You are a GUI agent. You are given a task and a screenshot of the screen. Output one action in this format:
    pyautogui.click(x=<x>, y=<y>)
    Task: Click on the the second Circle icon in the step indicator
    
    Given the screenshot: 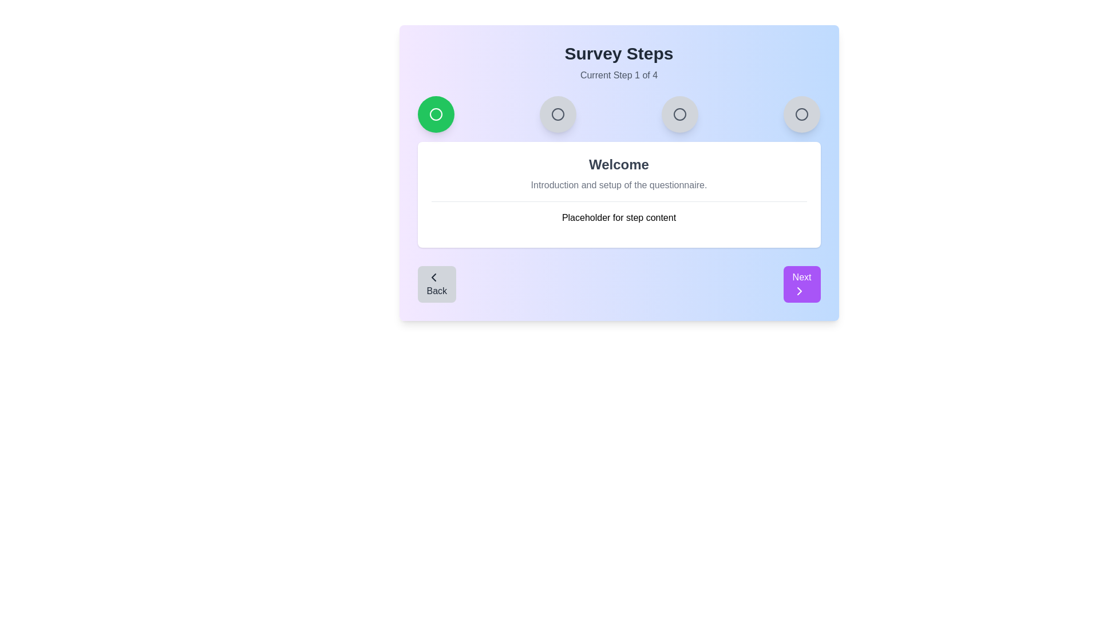 What is the action you would take?
    pyautogui.click(x=558, y=114)
    